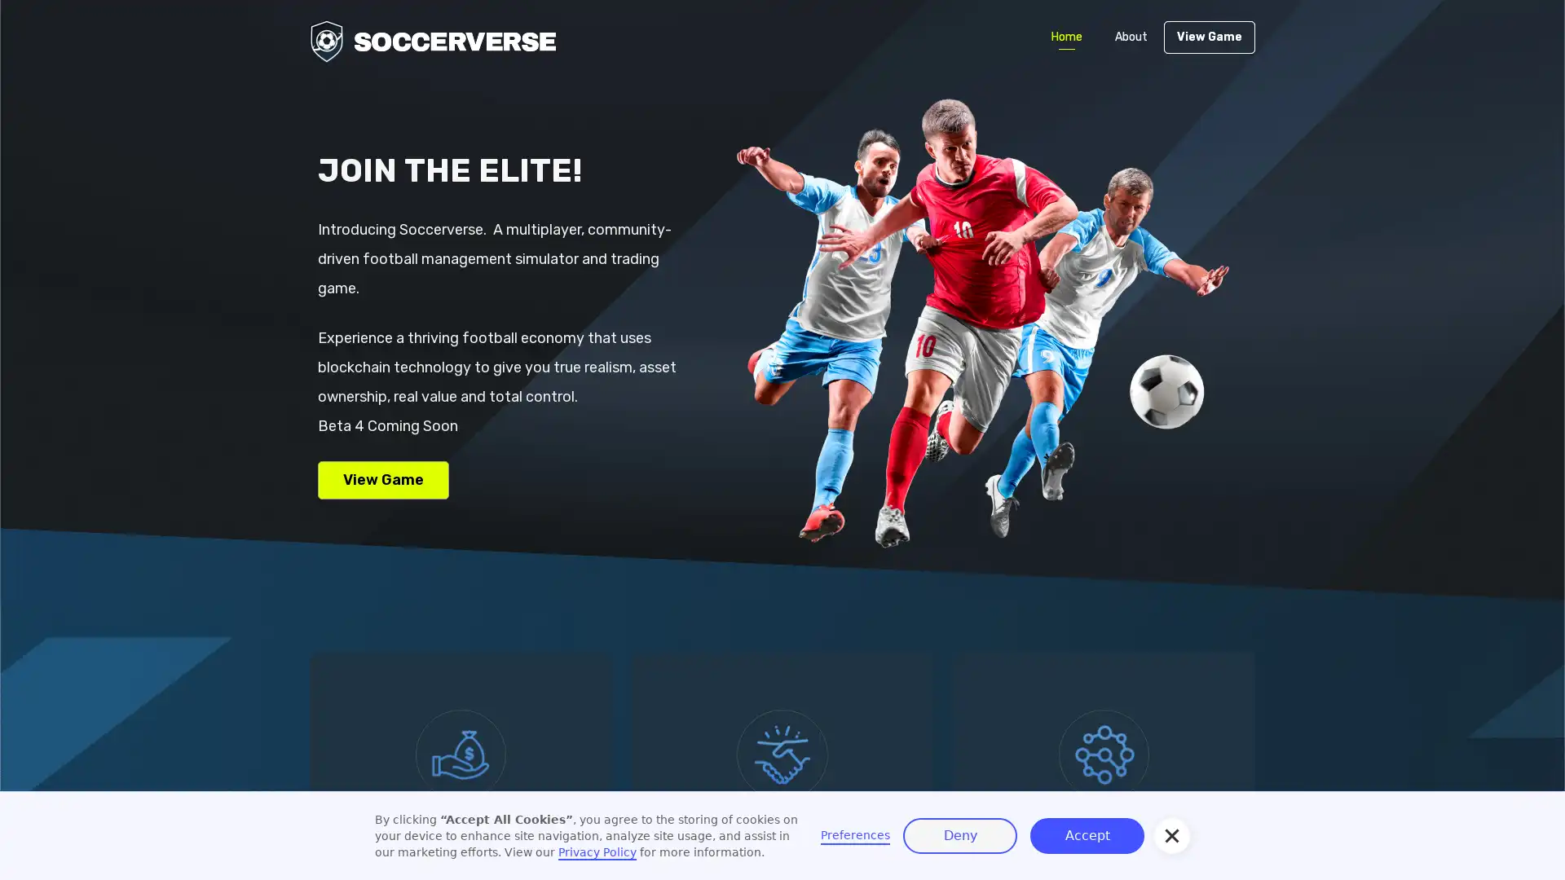 The image size is (1565, 880). Describe the element at coordinates (1087, 836) in the screenshot. I see `Accept` at that location.